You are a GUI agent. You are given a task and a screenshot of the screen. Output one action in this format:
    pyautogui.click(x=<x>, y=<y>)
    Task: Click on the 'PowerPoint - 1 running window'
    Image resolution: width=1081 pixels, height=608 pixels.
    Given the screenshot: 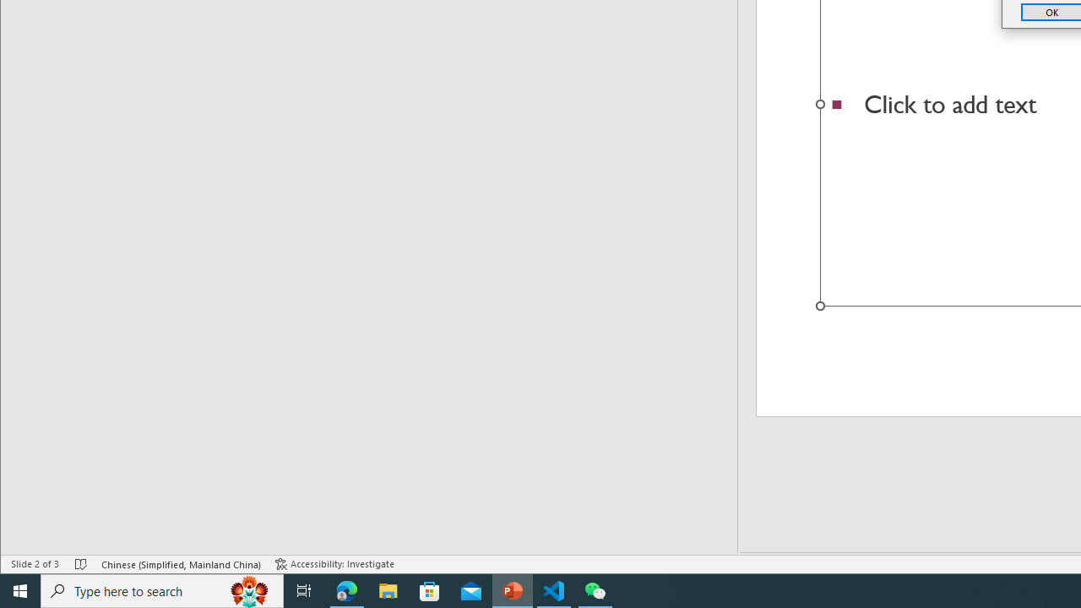 What is the action you would take?
    pyautogui.click(x=512, y=589)
    